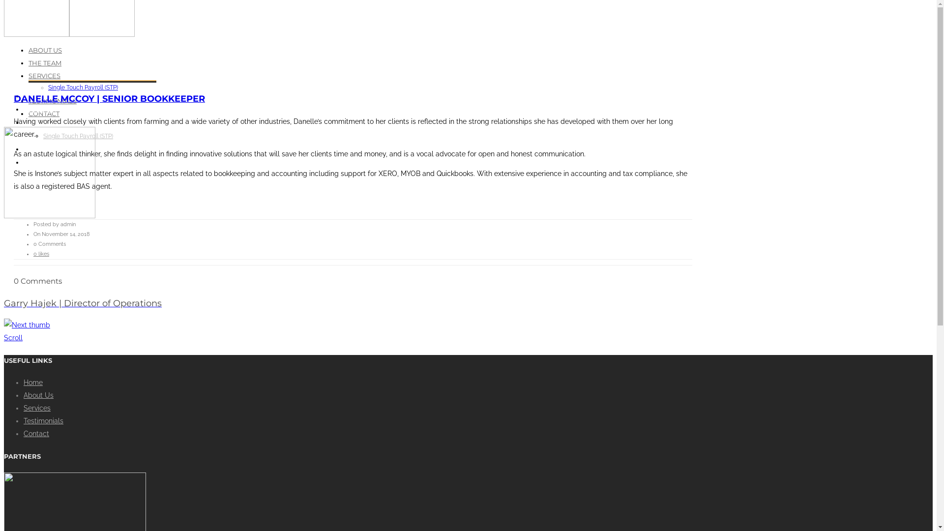 The width and height of the screenshot is (944, 531). Describe the element at coordinates (33, 382) in the screenshot. I see `'Home'` at that location.